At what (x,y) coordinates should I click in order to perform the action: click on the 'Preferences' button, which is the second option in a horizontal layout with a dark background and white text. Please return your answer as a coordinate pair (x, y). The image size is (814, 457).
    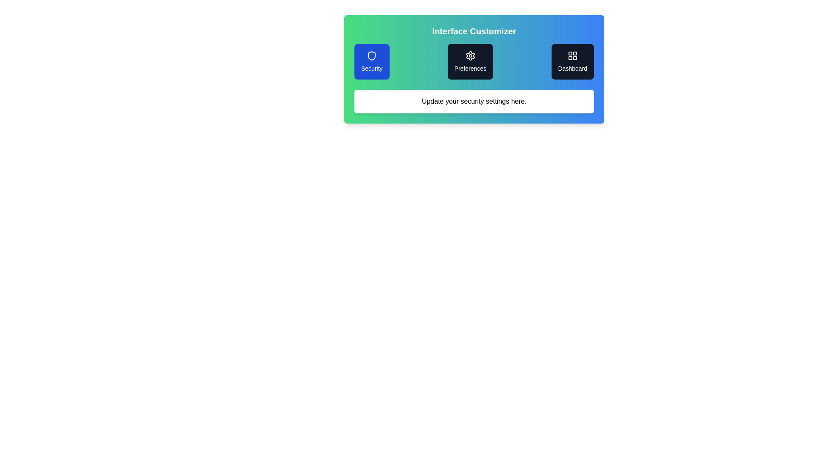
    Looking at the image, I should click on (474, 61).